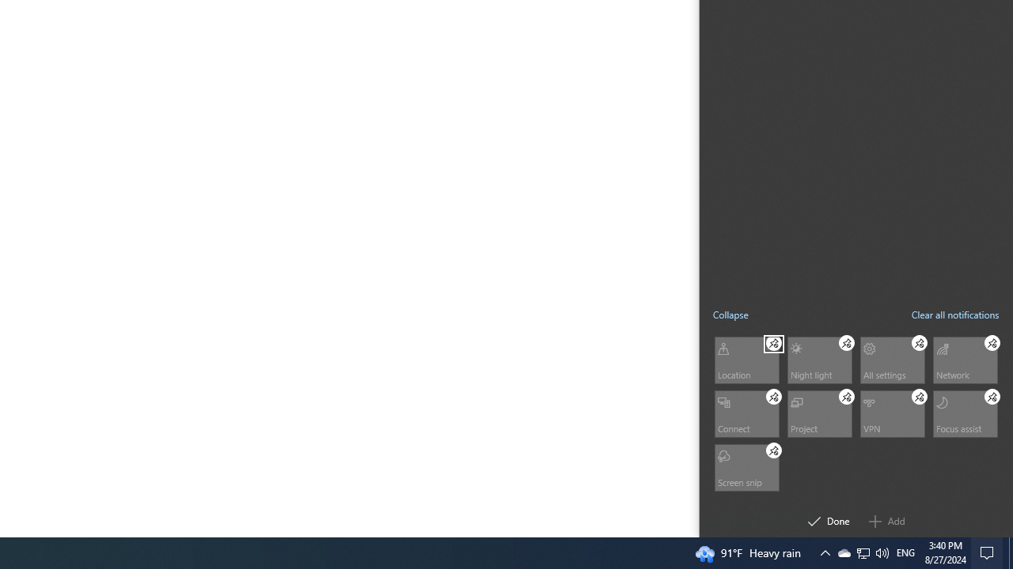 The image size is (1013, 569). What do you see at coordinates (818, 413) in the screenshot?
I see `'Project'` at bounding box center [818, 413].